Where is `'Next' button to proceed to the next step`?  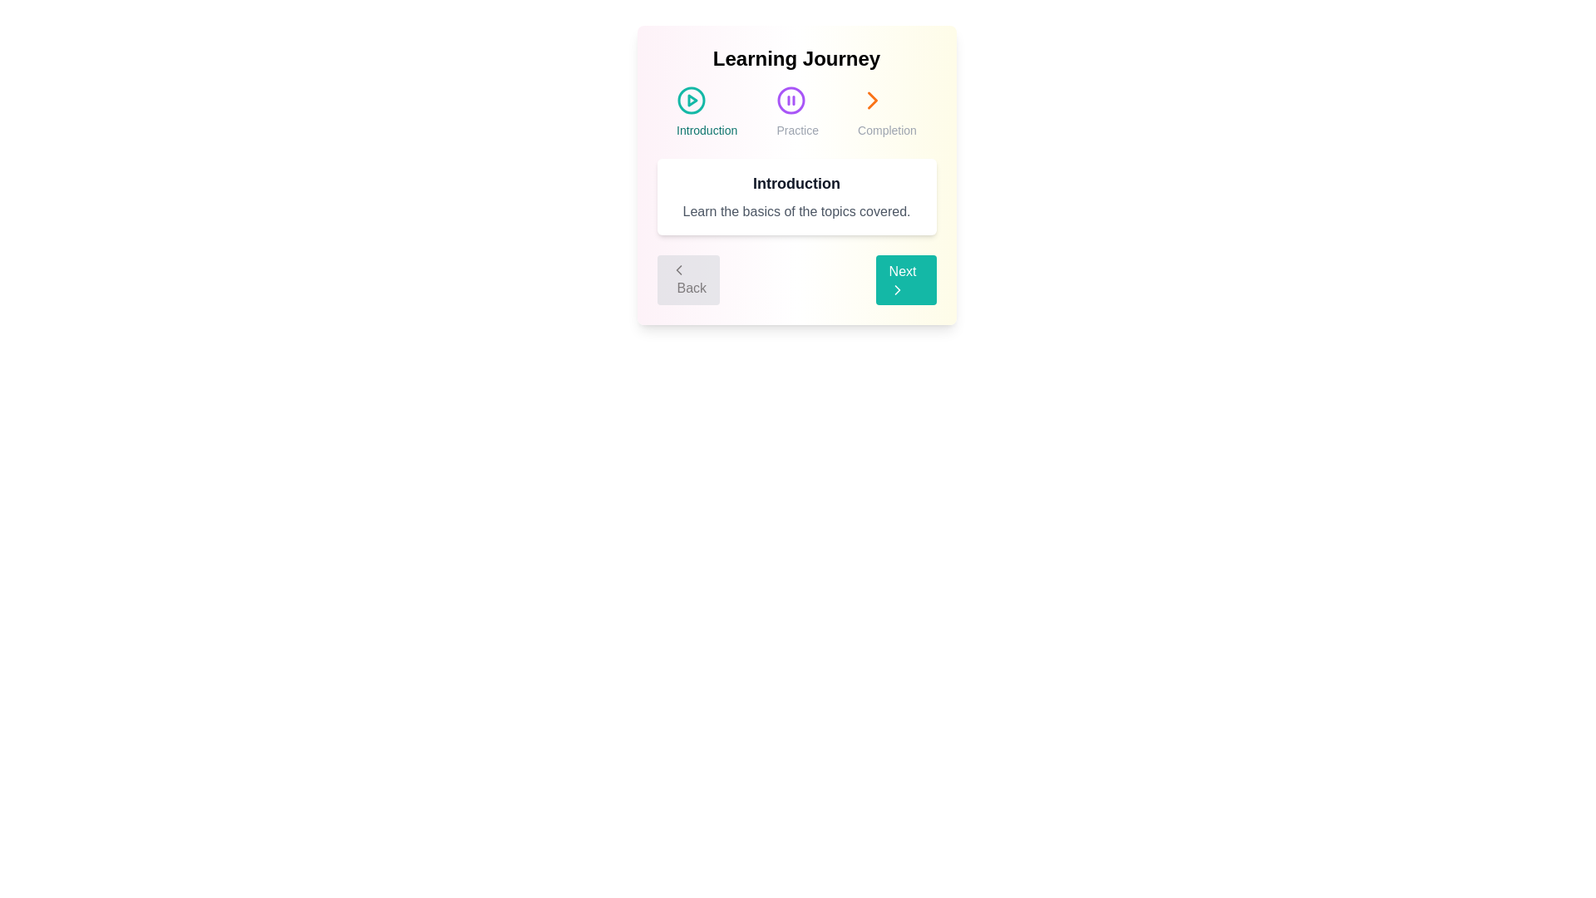
'Next' button to proceed to the next step is located at coordinates (904, 279).